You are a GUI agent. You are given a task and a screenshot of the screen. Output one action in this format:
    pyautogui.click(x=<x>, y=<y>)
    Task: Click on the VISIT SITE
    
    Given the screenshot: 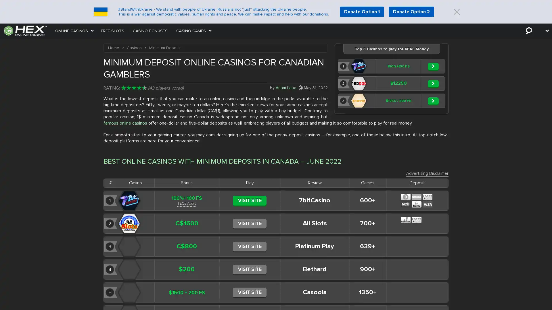 What is the action you would take?
    pyautogui.click(x=250, y=223)
    